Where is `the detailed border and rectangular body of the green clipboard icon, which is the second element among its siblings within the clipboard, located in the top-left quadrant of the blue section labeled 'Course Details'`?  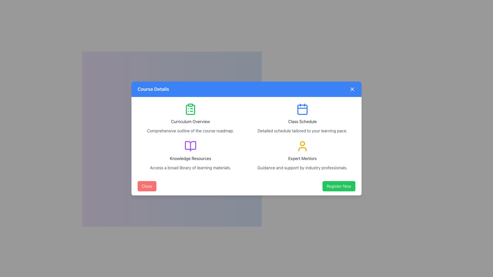
the detailed border and rectangular body of the green clipboard icon, which is the second element among its siblings within the clipboard, located in the top-left quadrant of the blue section labeled 'Course Details' is located at coordinates (190, 110).